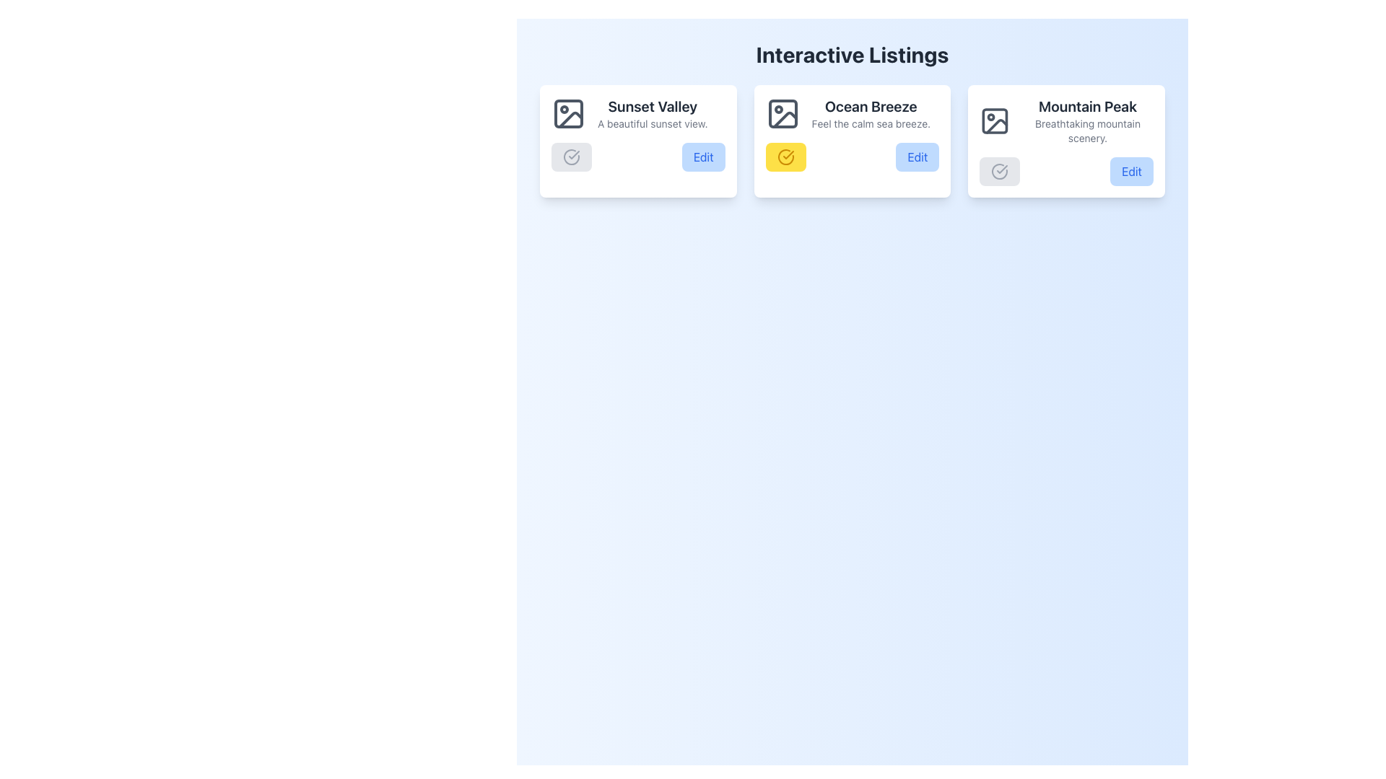 Image resolution: width=1386 pixels, height=779 pixels. Describe the element at coordinates (1066, 120) in the screenshot. I see `the text and icon display area containing the title 'Mountain Peak' and subtitle 'Breathtaking mountain scenery.'` at that location.